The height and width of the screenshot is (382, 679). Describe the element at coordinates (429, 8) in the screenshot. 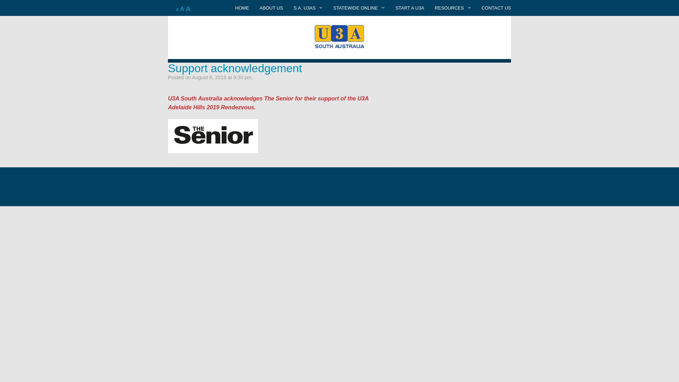

I see `'RESOURCES'` at that location.